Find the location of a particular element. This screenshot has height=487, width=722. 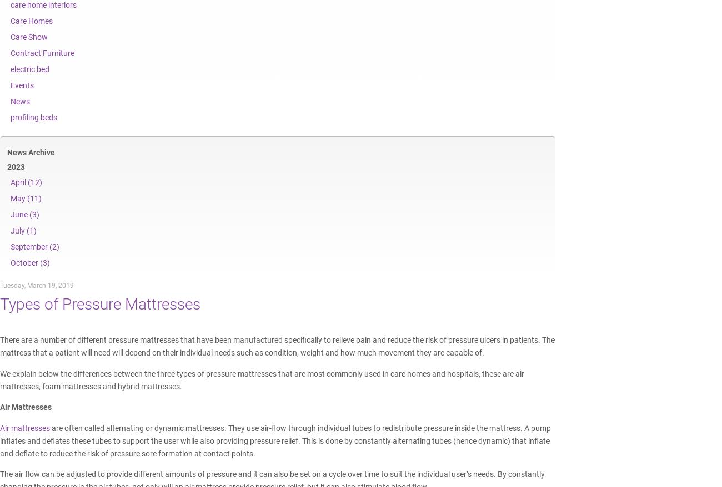

'Care Show' is located at coordinates (9, 37).